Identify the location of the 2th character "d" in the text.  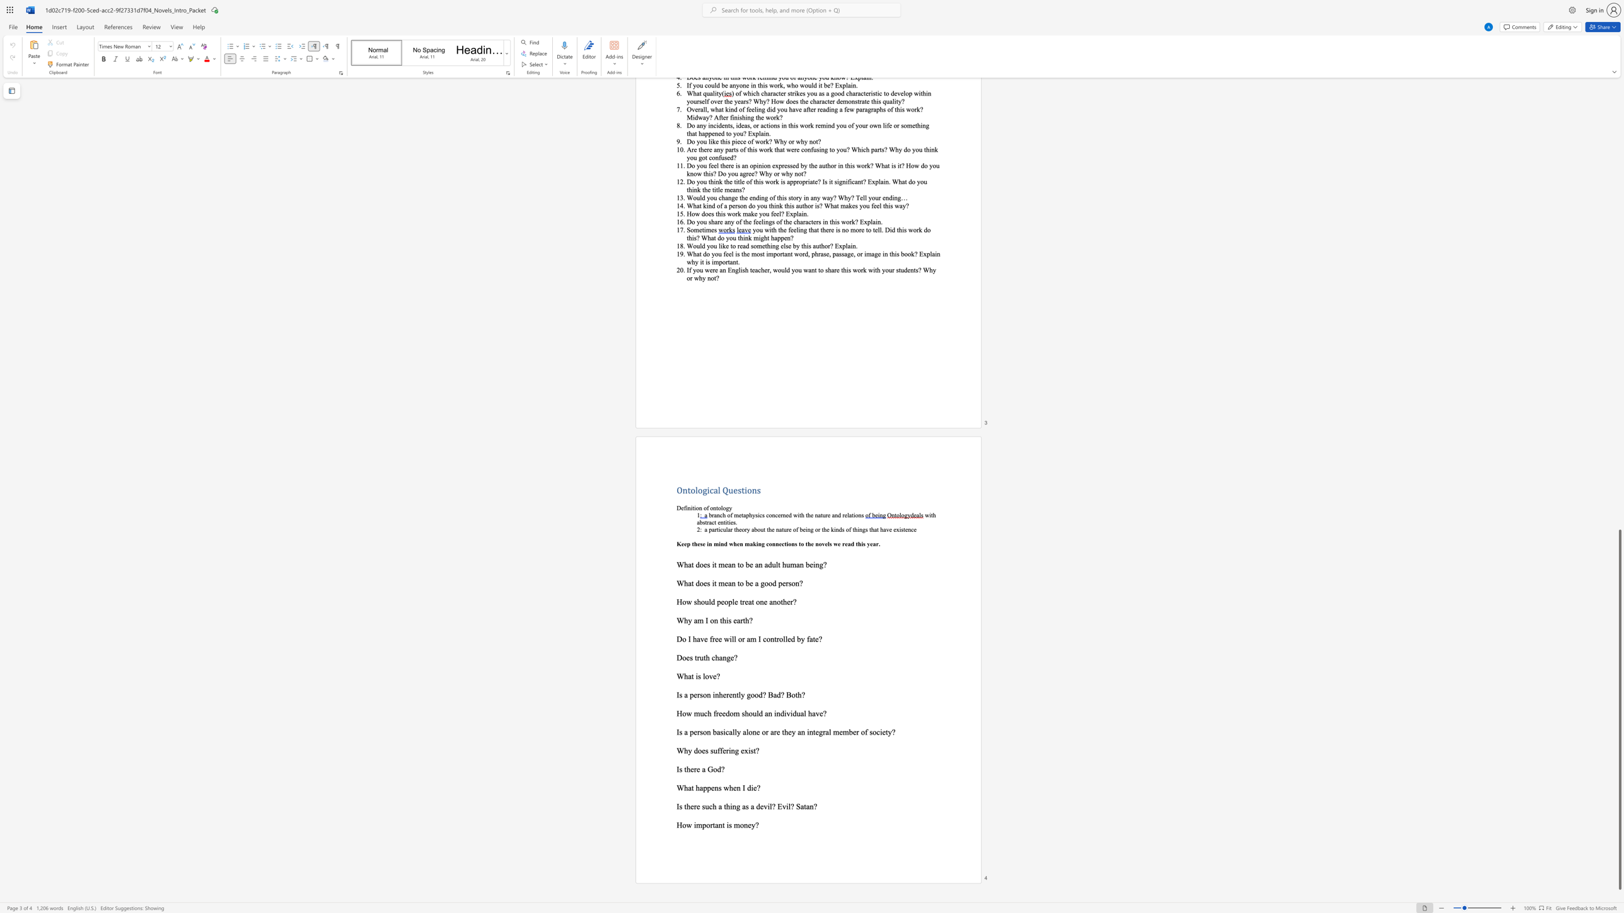
(778, 694).